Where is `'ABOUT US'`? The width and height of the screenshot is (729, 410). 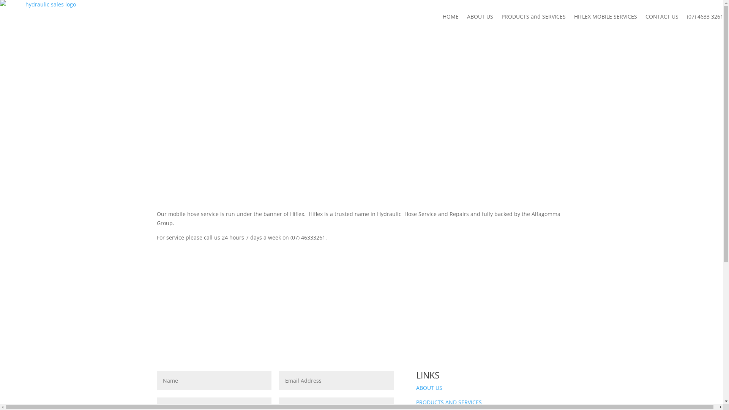
'ABOUT US' is located at coordinates (429, 388).